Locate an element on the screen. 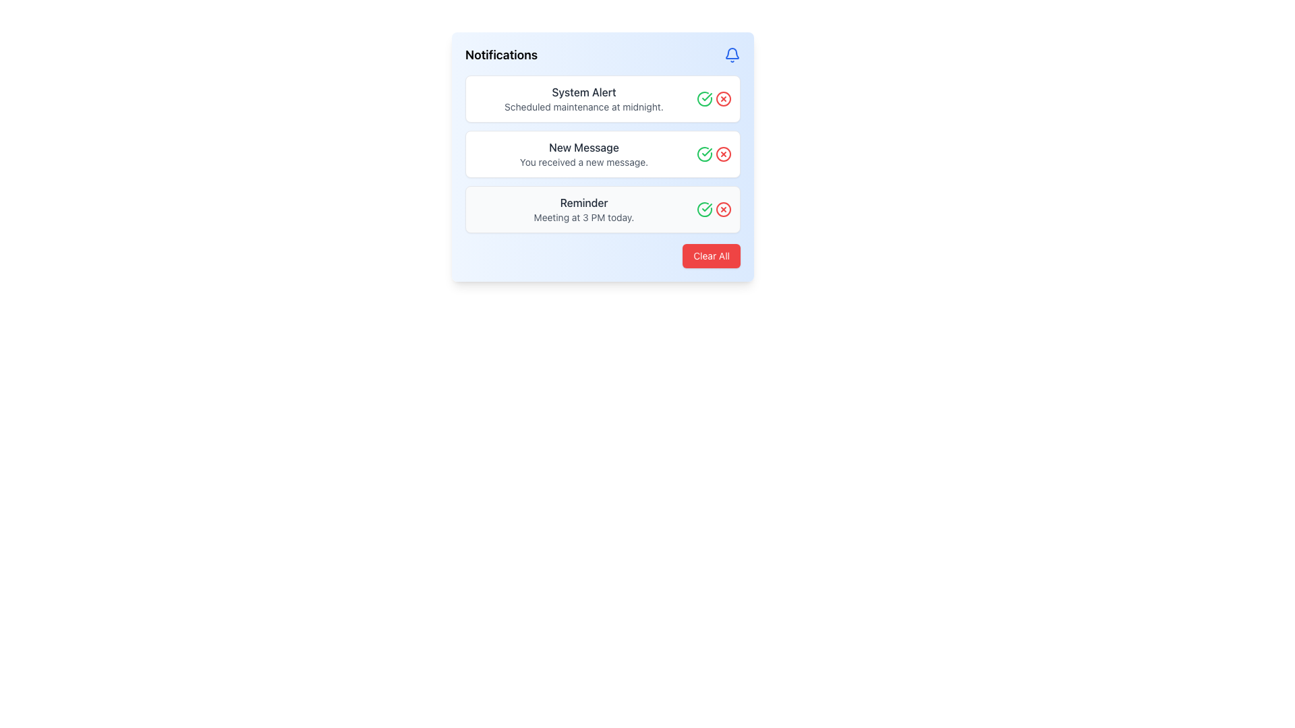 The width and height of the screenshot is (1295, 728). information displayed in the text label that shows 'System Alert' located at the top of the notification panel is located at coordinates (583, 92).